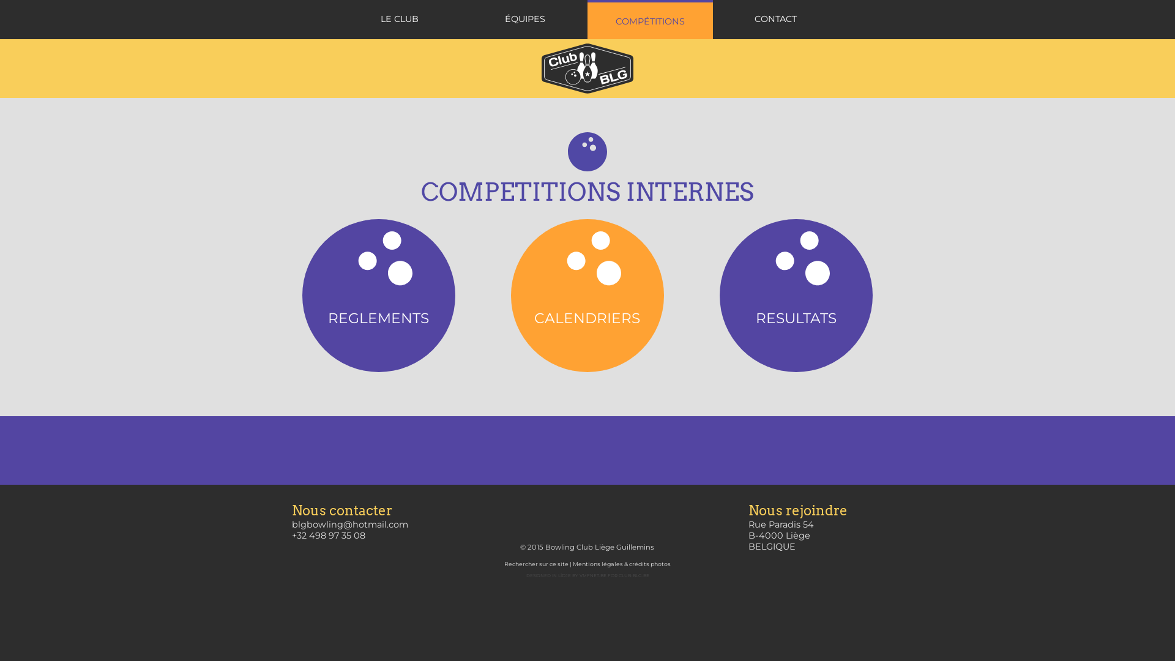 The image size is (1175, 661). I want to click on 'VMFNET.BE', so click(592, 575).